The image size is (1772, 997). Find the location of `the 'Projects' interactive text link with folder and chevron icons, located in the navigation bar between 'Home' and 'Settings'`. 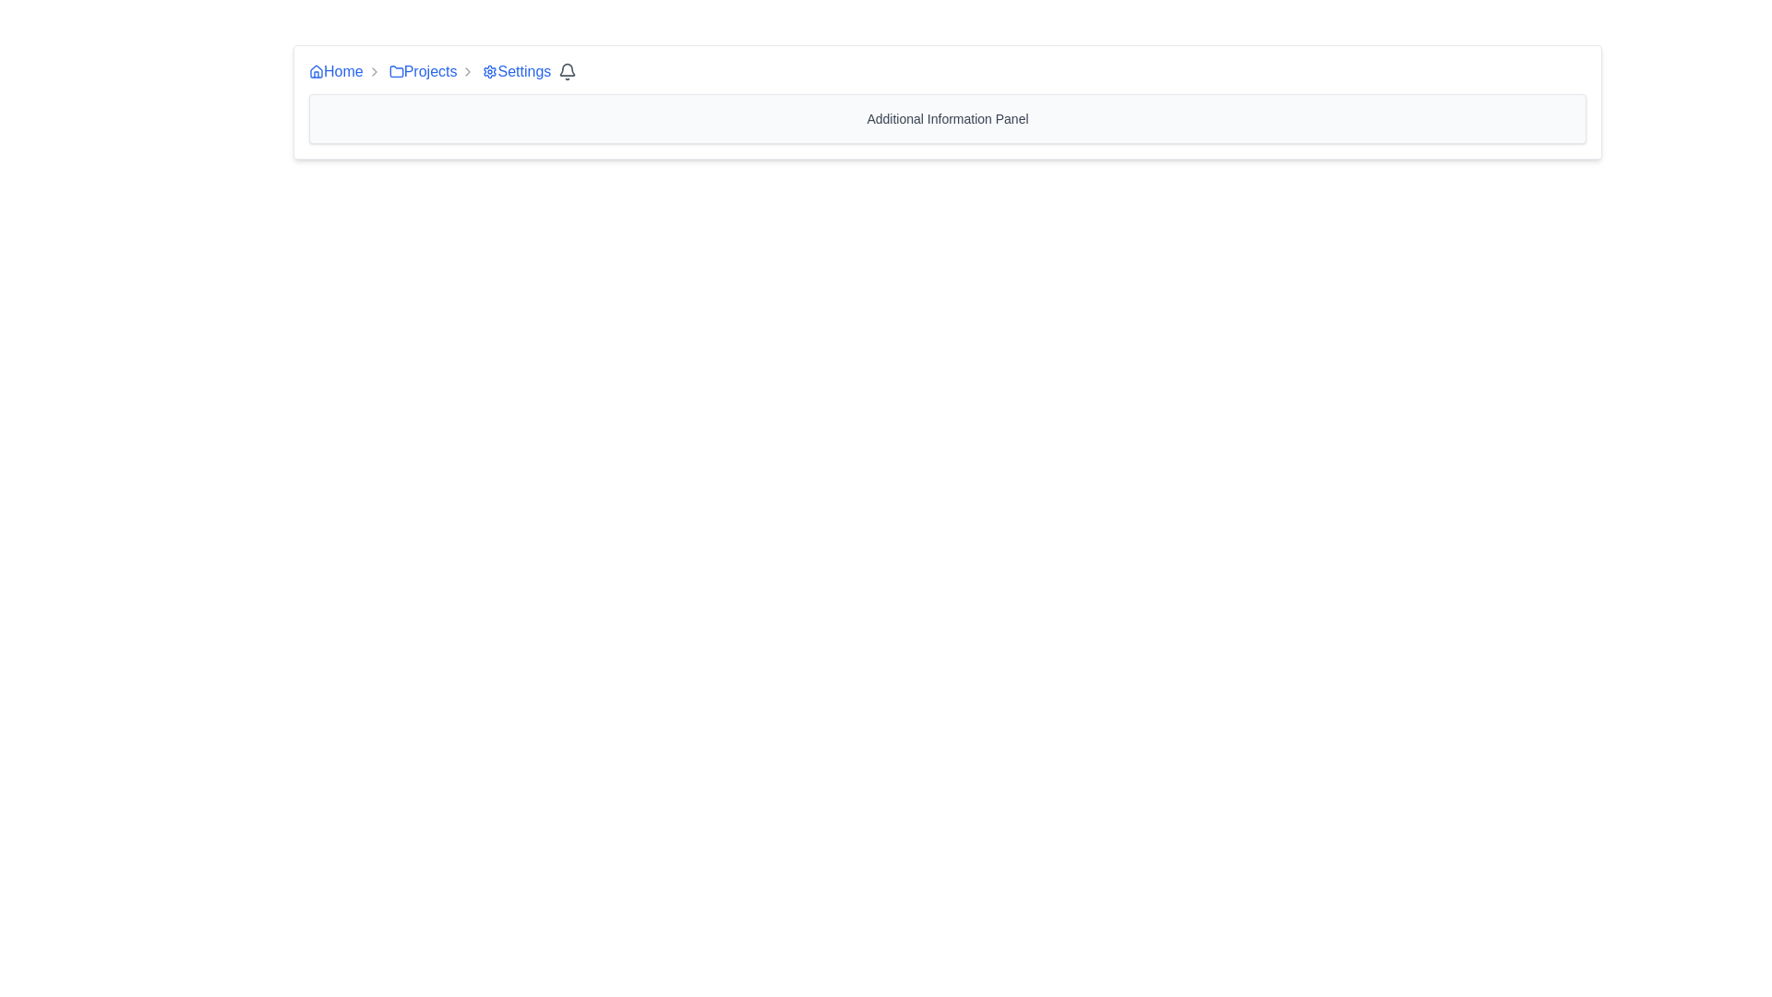

the 'Projects' interactive text link with folder and chevron icons, located in the navigation bar between 'Home' and 'Settings' is located at coordinates (431, 70).